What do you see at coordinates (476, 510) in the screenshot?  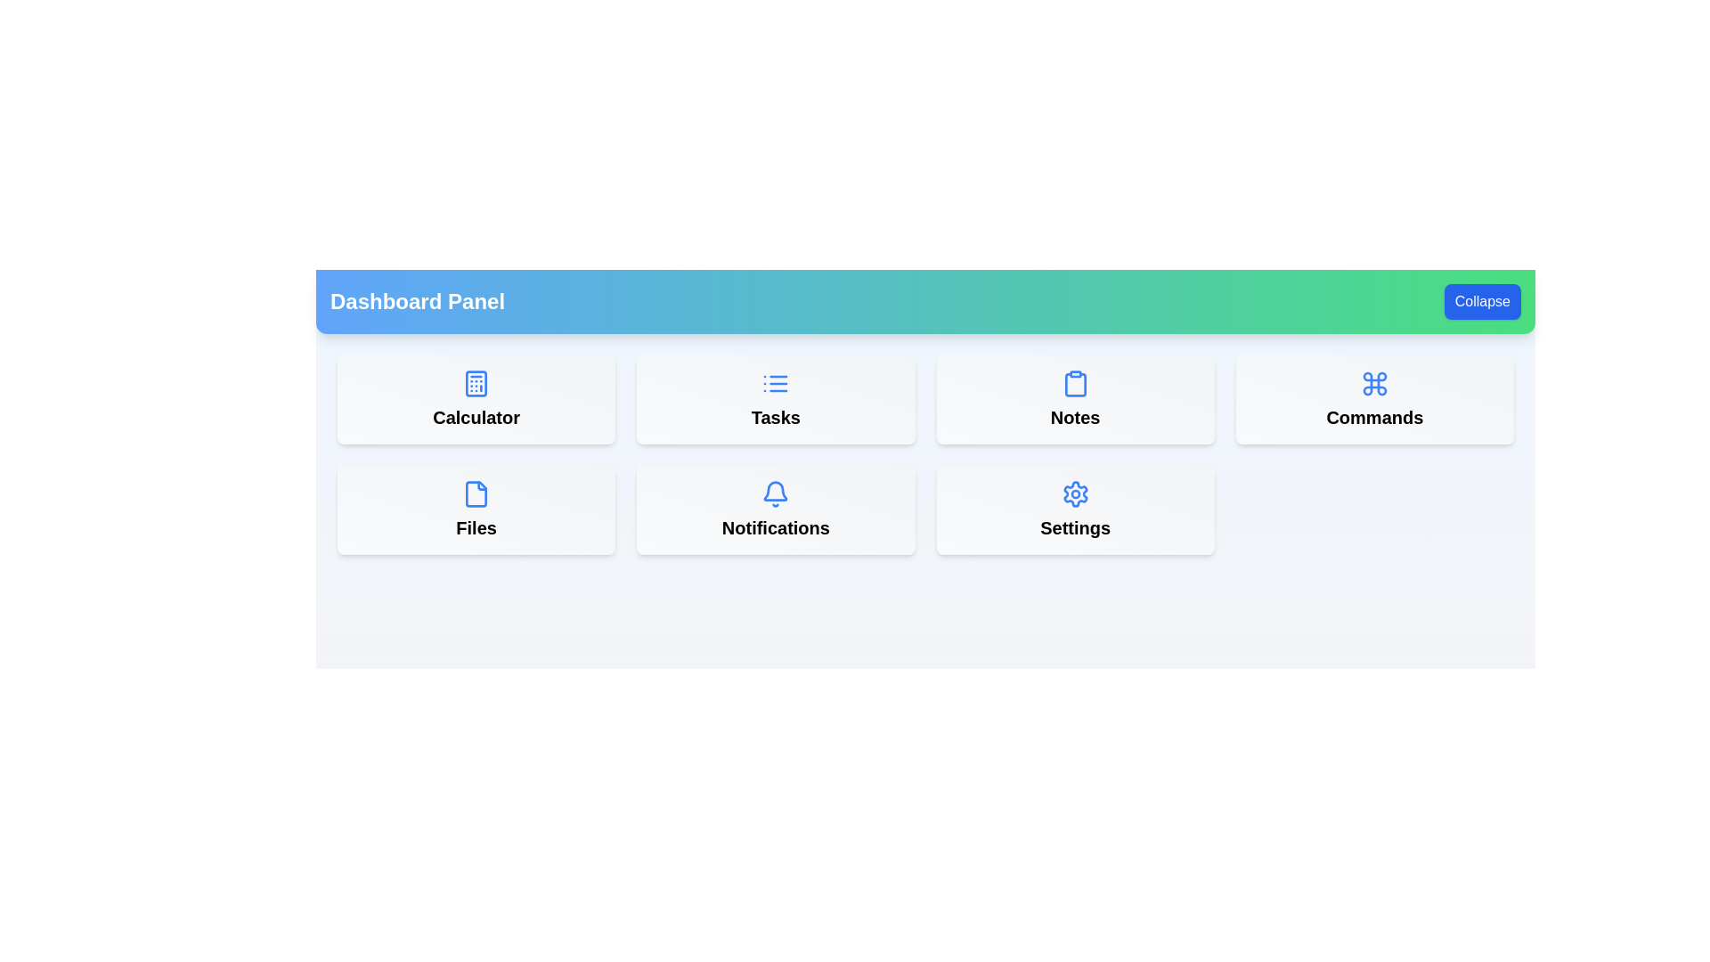 I see `the menu item labeled Files` at bounding box center [476, 510].